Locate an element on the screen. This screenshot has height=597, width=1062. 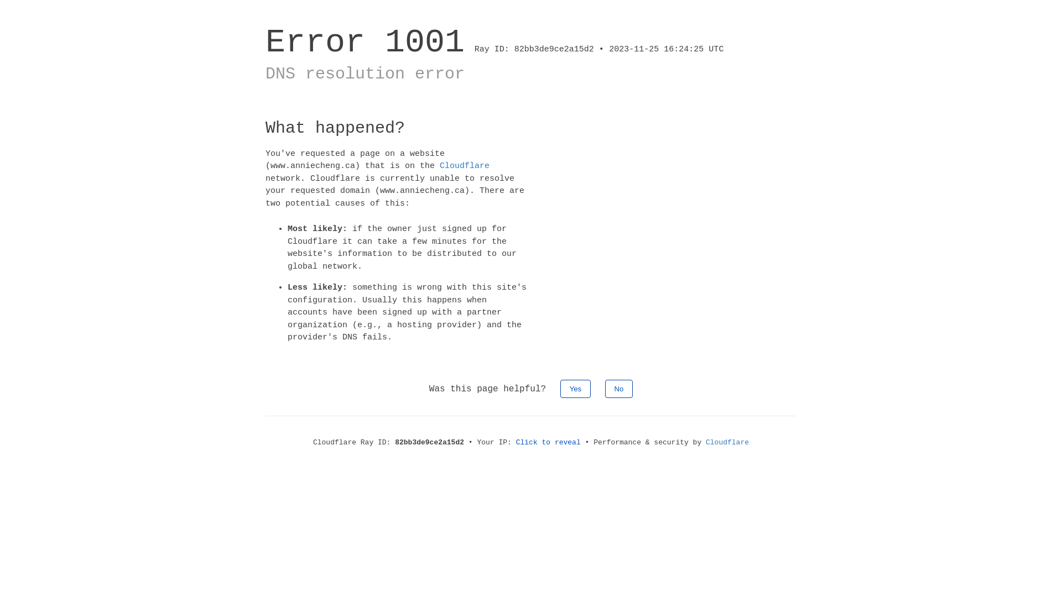
'Cloudflare' is located at coordinates (439, 166).